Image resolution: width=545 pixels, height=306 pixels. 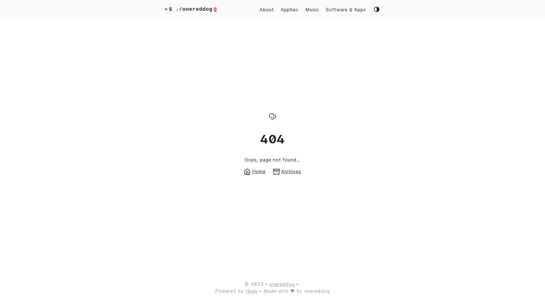 What do you see at coordinates (190, 10) in the screenshot?
I see `'>` at bounding box center [190, 10].